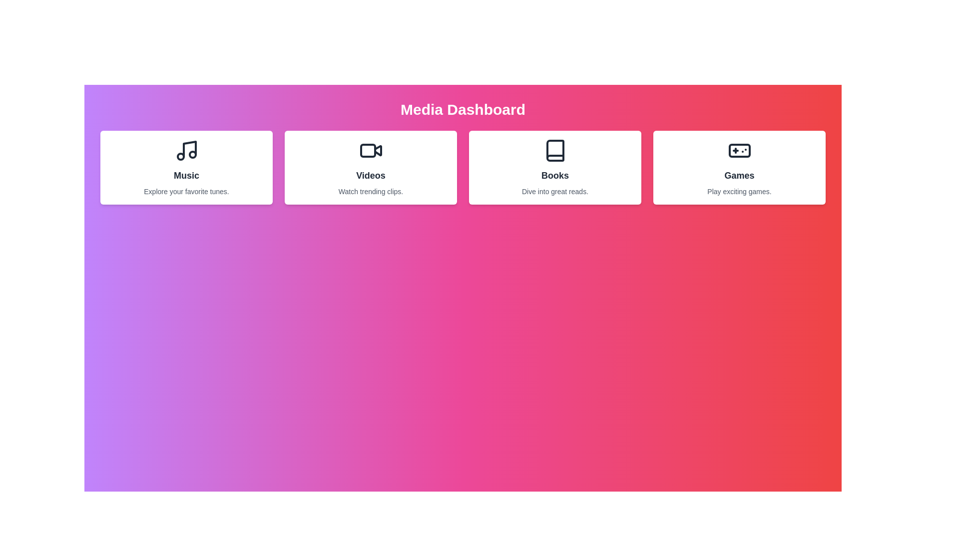 Image resolution: width=959 pixels, height=539 pixels. I want to click on text label that says 'Music', which is styled in a bold and large font, centered beneath a music icon and above smaller descriptive text, to identify the category, so click(186, 175).